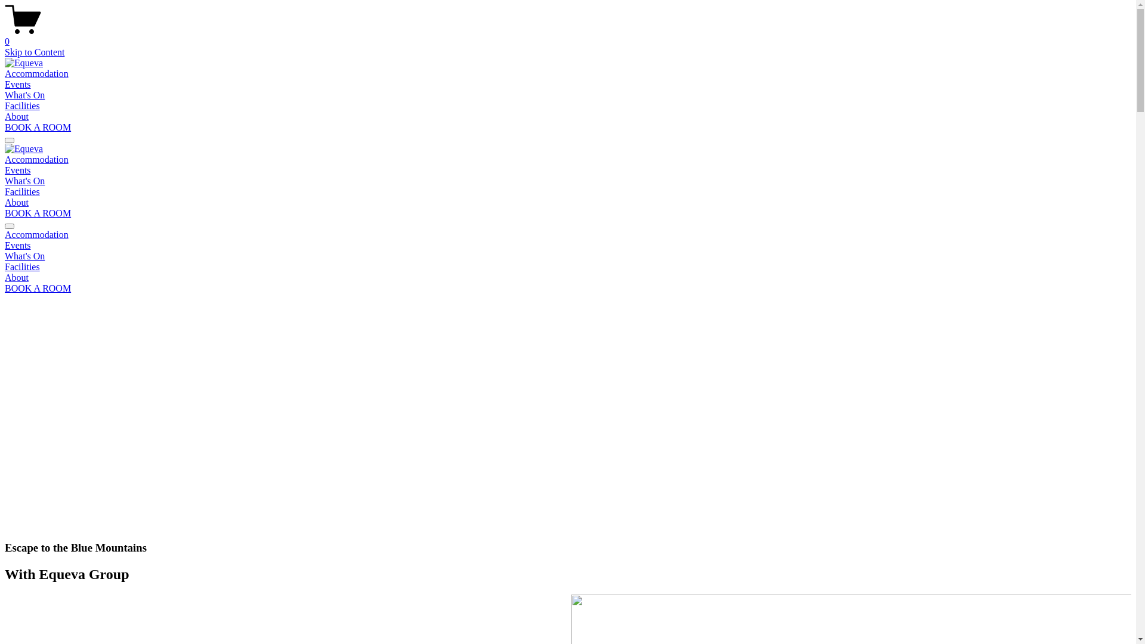 The width and height of the screenshot is (1145, 644). Describe the element at coordinates (5, 105) in the screenshot. I see `'Facilities'` at that location.